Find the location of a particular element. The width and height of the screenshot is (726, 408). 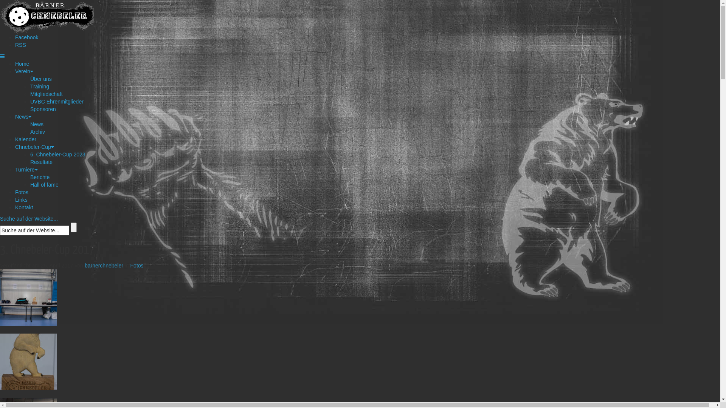

'News' is located at coordinates (23, 116).